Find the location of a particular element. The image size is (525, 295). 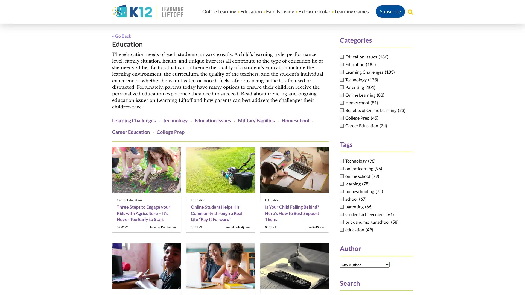

Go Back is located at coordinates (121, 36).